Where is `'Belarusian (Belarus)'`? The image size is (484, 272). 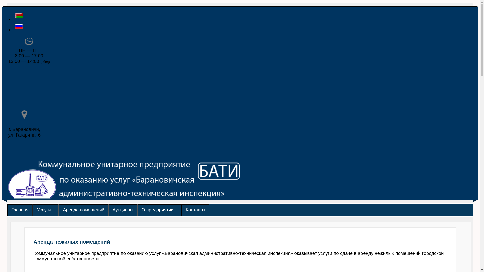
'Belarusian (Belarus)' is located at coordinates (15, 15).